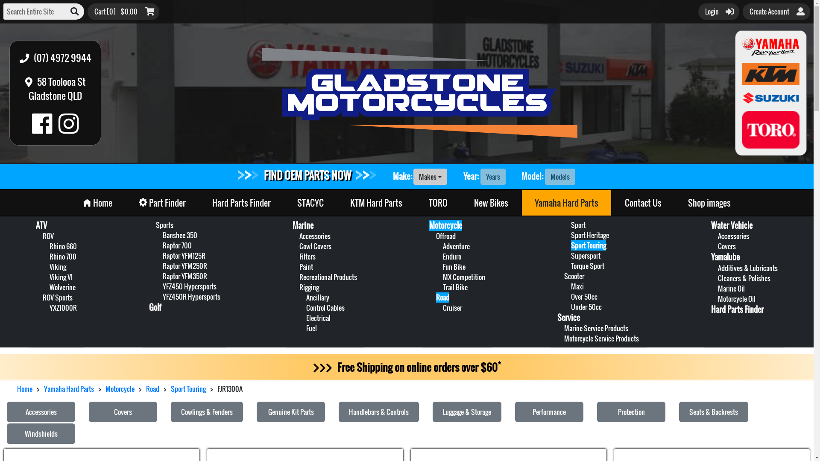 The image size is (820, 461). I want to click on 'Create Account', so click(776, 12).